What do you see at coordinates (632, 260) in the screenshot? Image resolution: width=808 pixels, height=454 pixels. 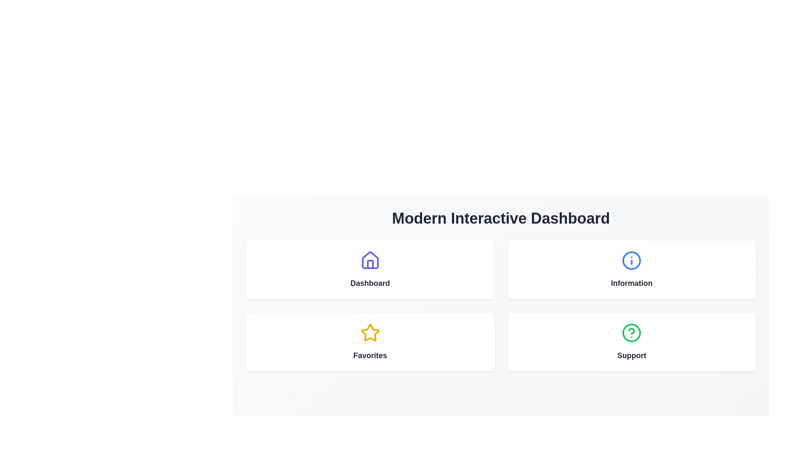 I see `the circular informational icon with a blue outline and a blue letter 'i' centered within it, located in the top-right quadrant of the dashboard layout` at bounding box center [632, 260].